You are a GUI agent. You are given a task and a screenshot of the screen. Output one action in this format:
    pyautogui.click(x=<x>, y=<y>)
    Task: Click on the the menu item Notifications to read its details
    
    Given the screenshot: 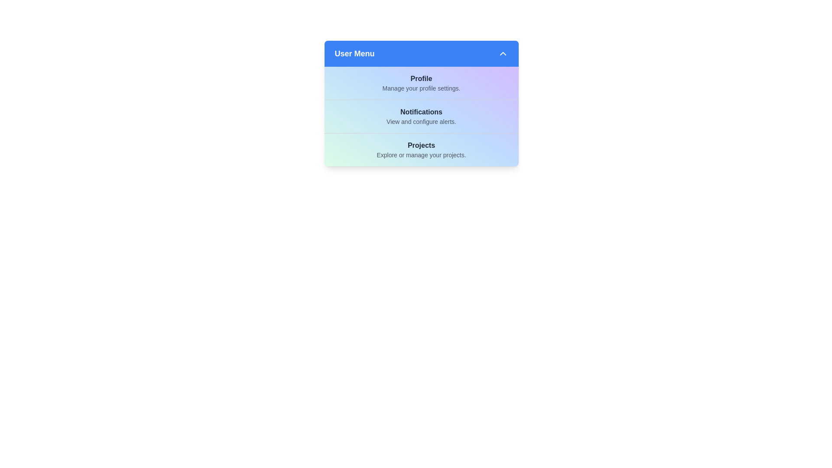 What is the action you would take?
    pyautogui.click(x=421, y=116)
    